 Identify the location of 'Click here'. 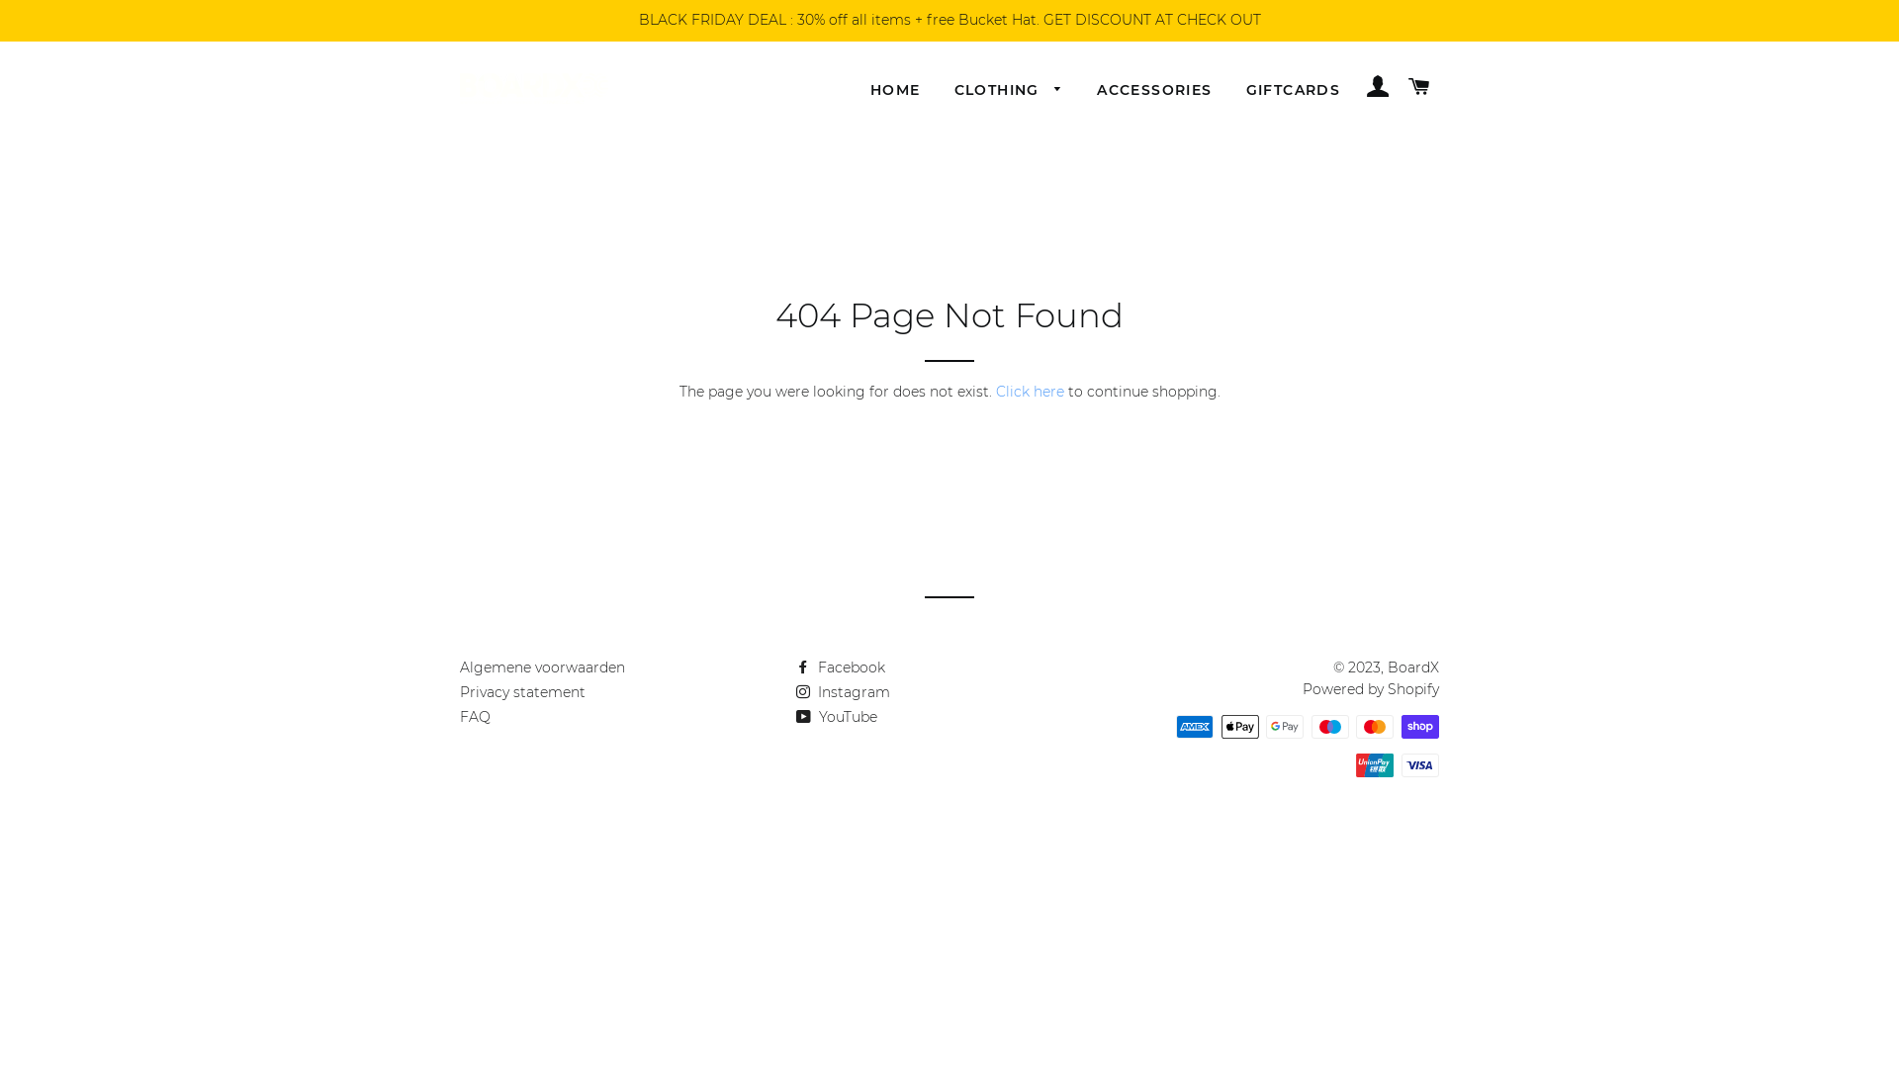
(1029, 392).